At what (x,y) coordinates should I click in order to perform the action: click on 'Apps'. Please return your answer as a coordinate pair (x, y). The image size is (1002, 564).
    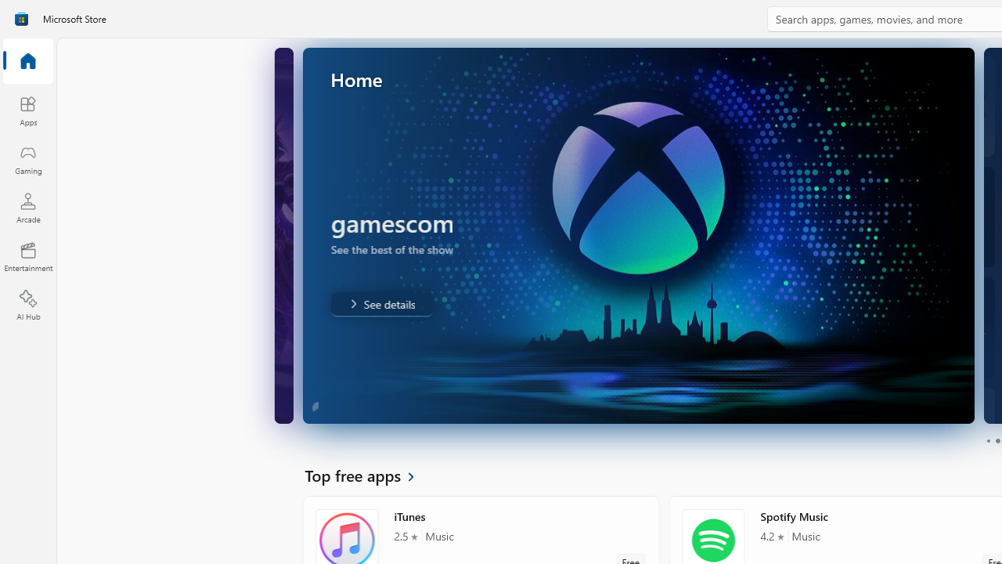
    Looking at the image, I should click on (27, 110).